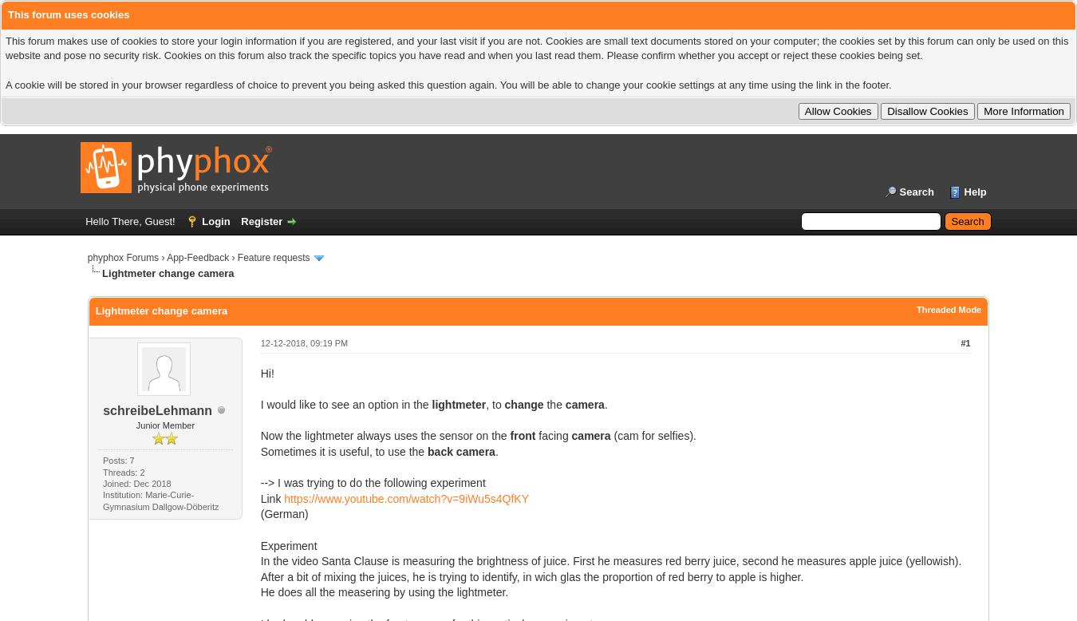 Image resolution: width=1077 pixels, height=621 pixels. Describe the element at coordinates (344, 451) in the screenshot. I see `'Sometimes it is useful, to use the'` at that location.